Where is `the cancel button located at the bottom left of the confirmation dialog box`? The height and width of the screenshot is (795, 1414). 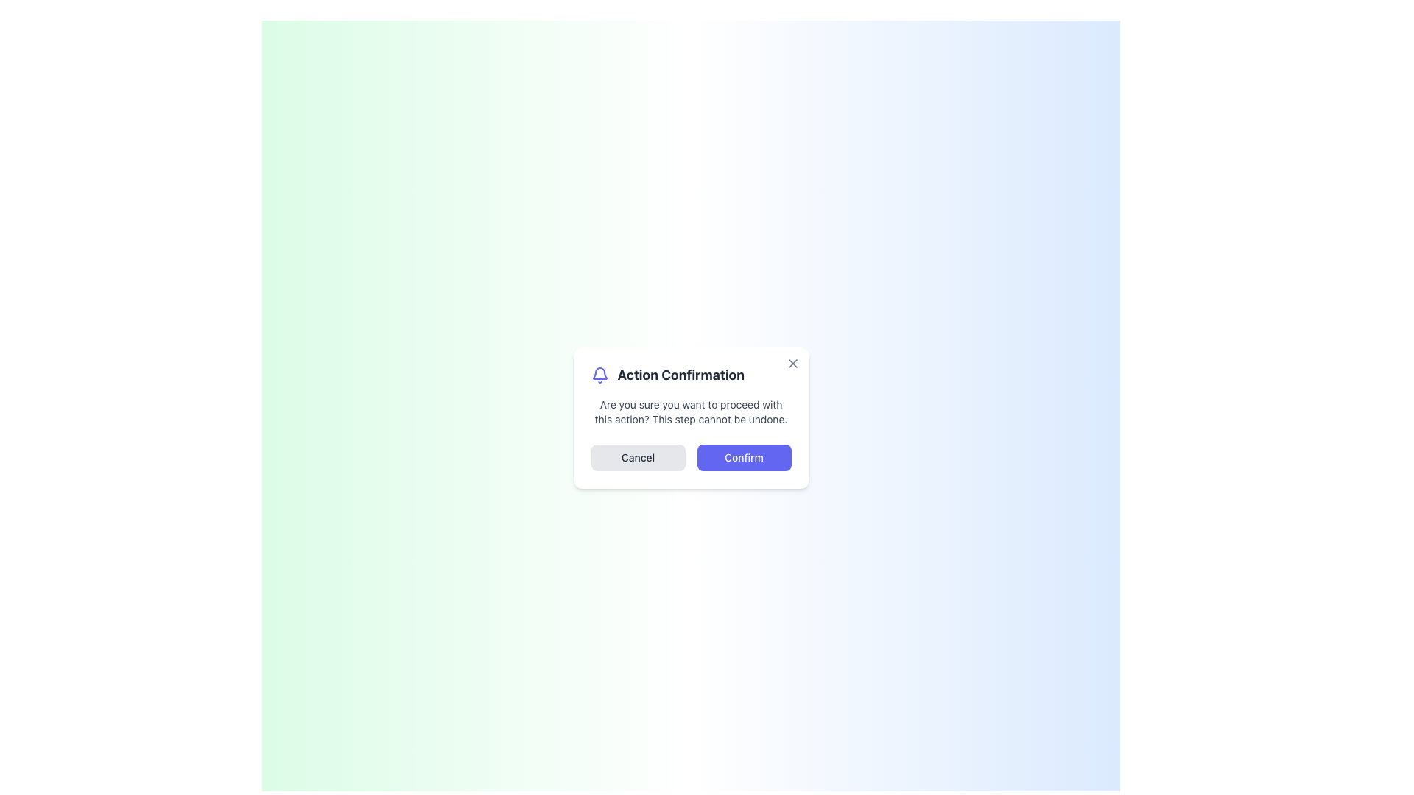
the cancel button located at the bottom left of the confirmation dialog box is located at coordinates (638, 456).